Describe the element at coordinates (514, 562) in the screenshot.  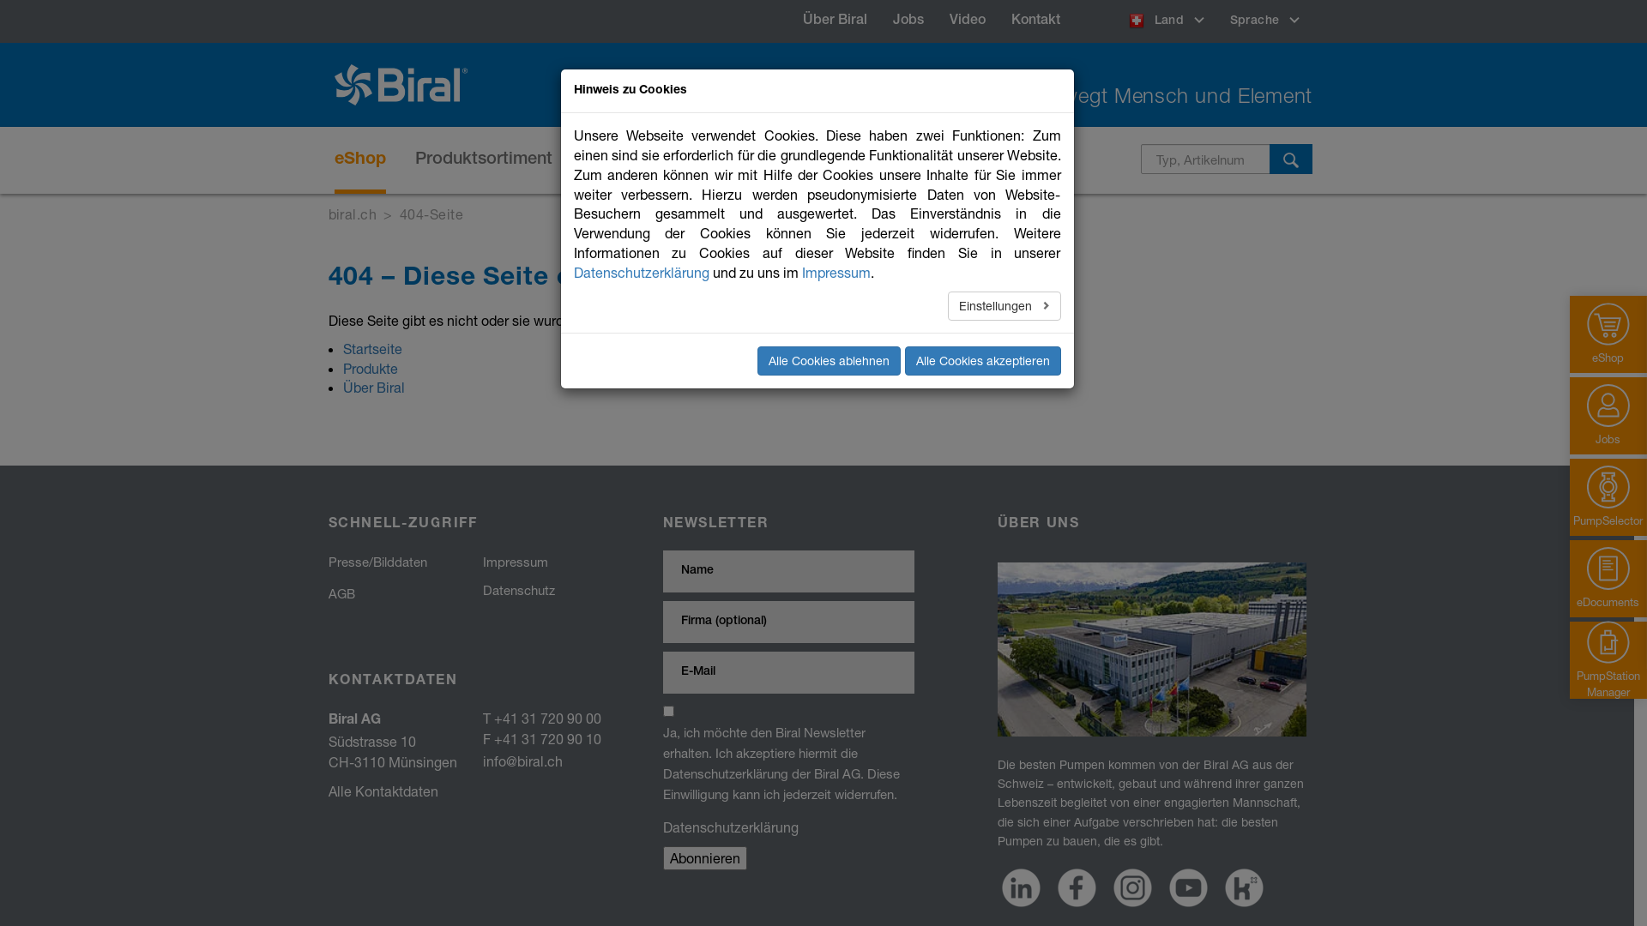
I see `'Impressum'` at that location.